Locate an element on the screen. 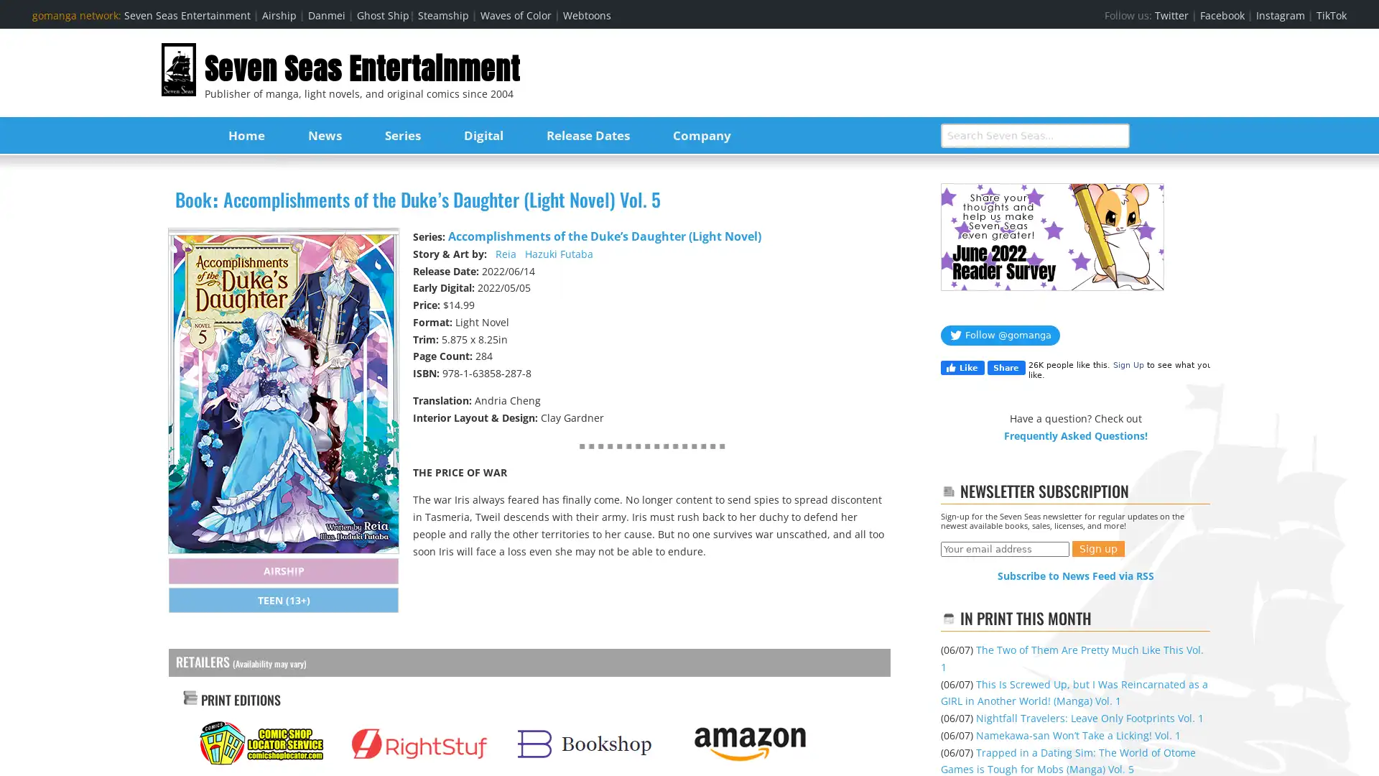 This screenshot has height=776, width=1379. Sign up is located at coordinates (1097, 548).